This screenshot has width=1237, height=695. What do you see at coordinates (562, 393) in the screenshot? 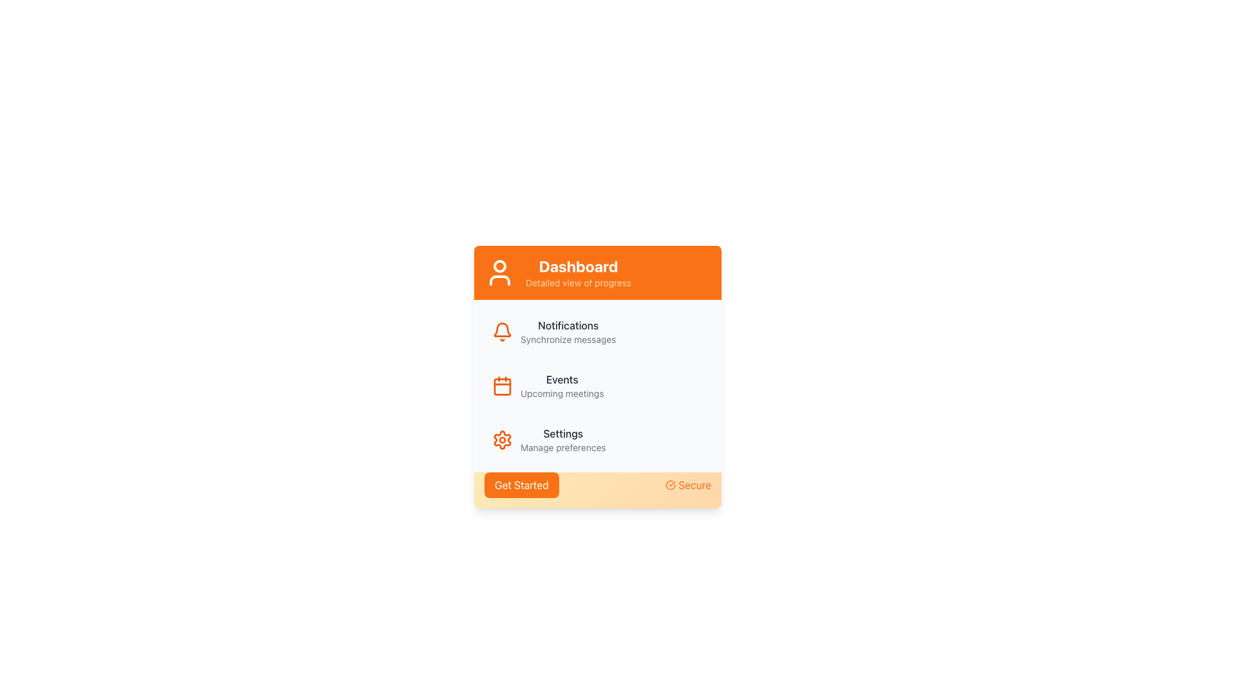
I see `the Text Label located directly below the 'Events' label in the user dashboard, which provides additional details about the Events category` at bounding box center [562, 393].